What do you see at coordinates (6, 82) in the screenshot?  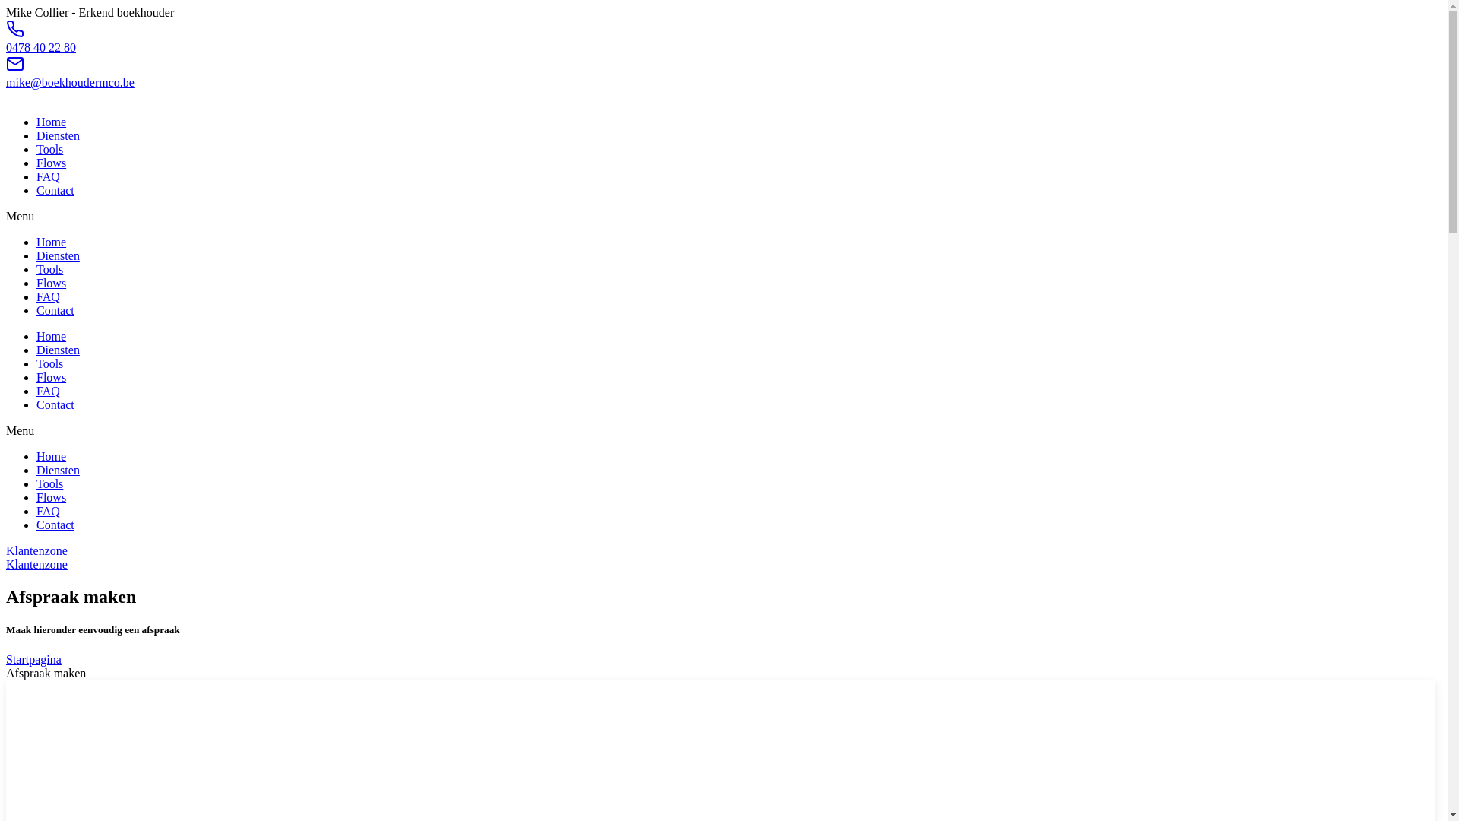 I see `'mike@boekhoudermco.be'` at bounding box center [6, 82].